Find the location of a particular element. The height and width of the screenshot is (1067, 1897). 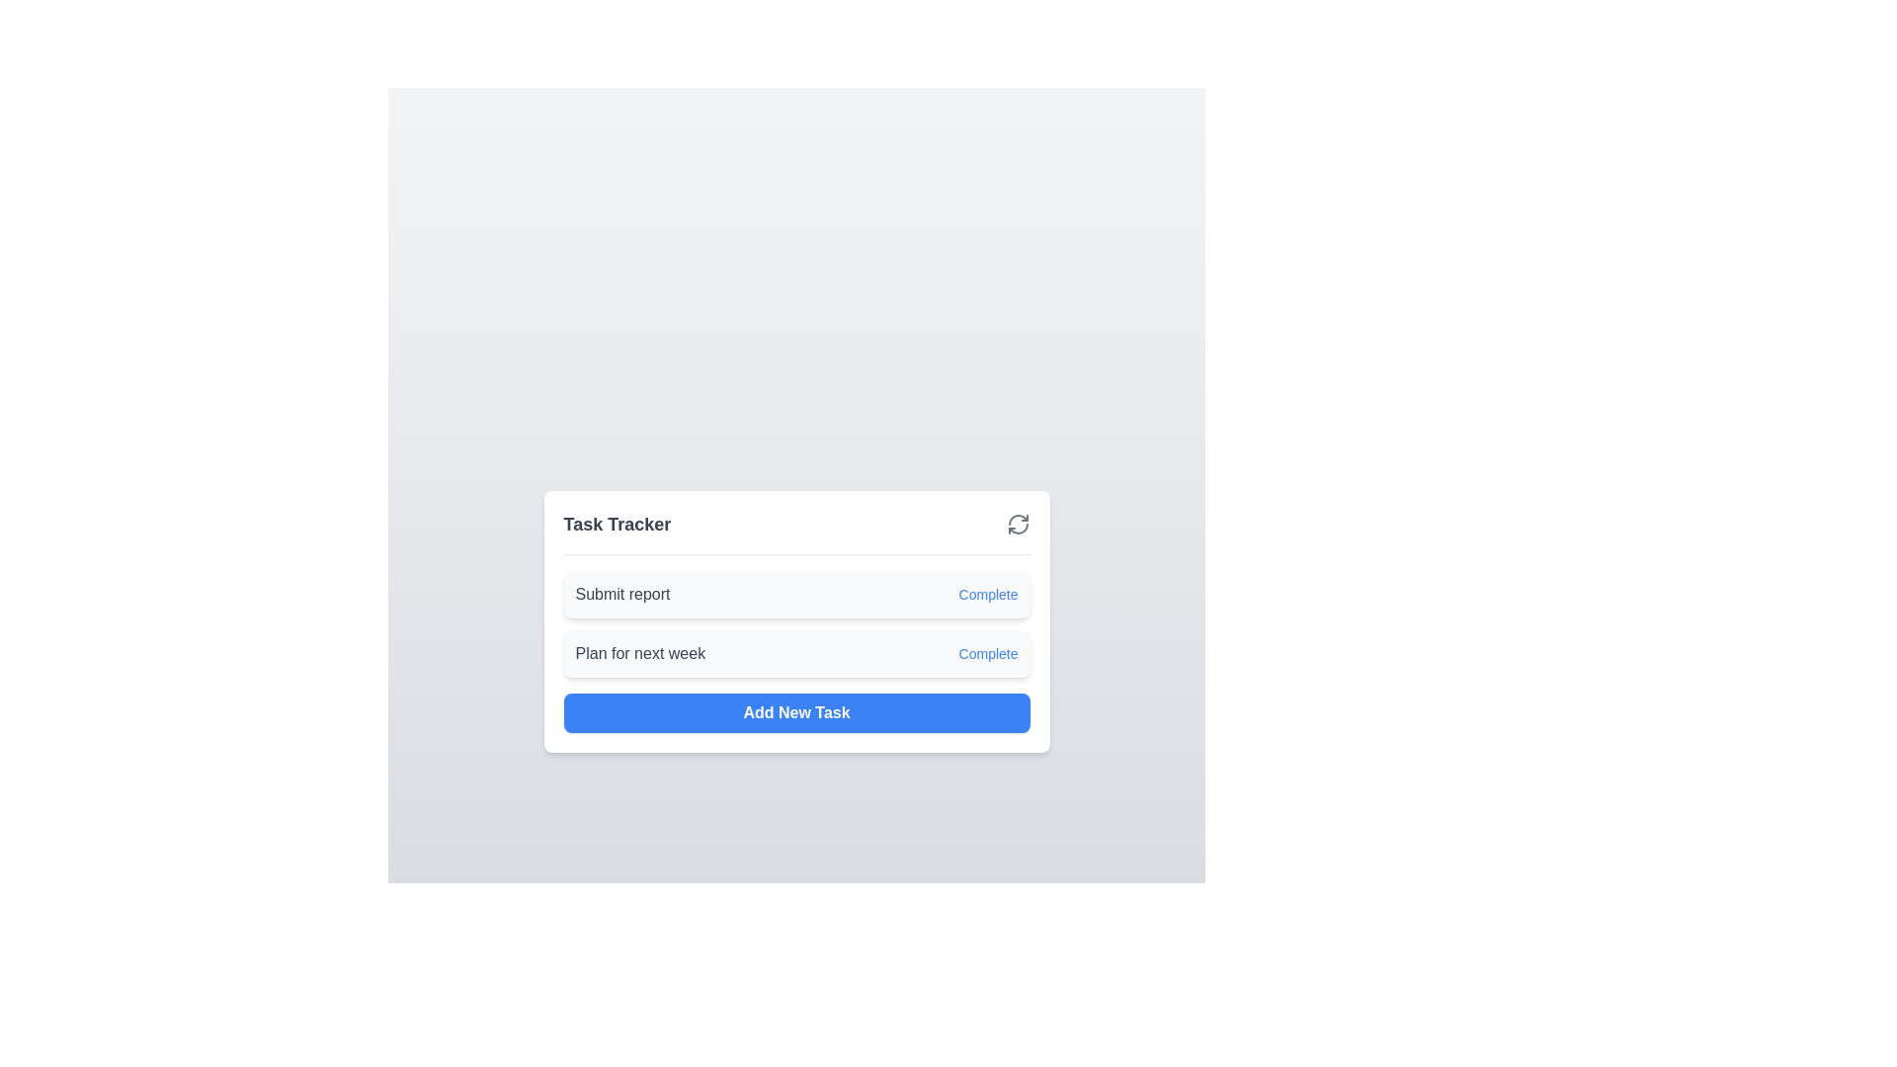

the refresh icon located in the top-right corner of the 'Task Tracker' header is located at coordinates (1018, 523).